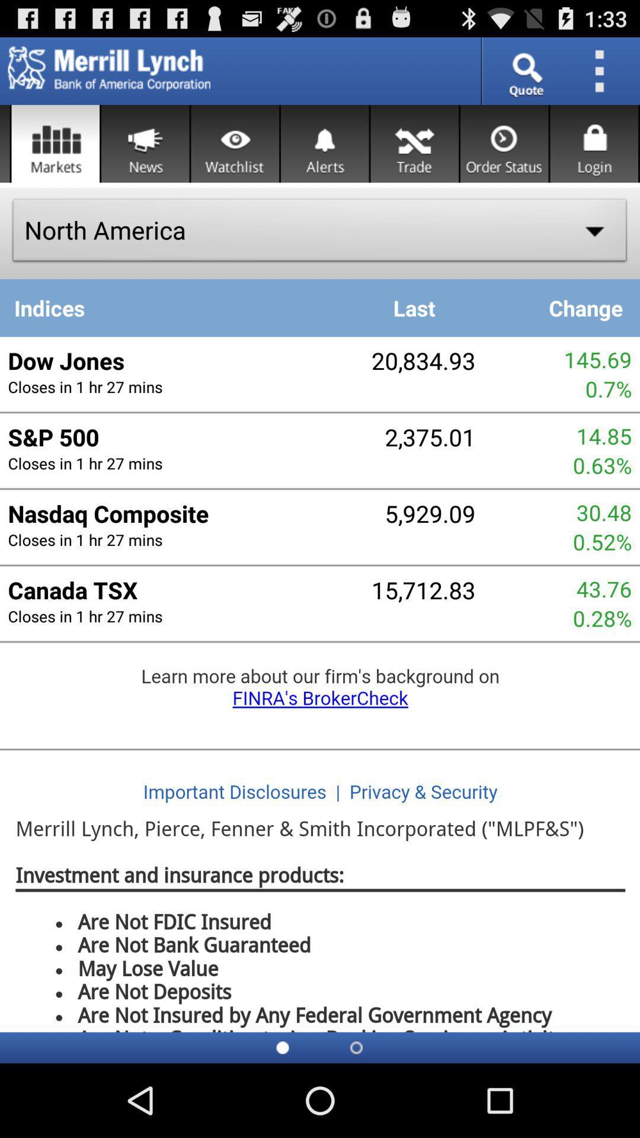 The height and width of the screenshot is (1138, 640). I want to click on shuffle, so click(414, 143).